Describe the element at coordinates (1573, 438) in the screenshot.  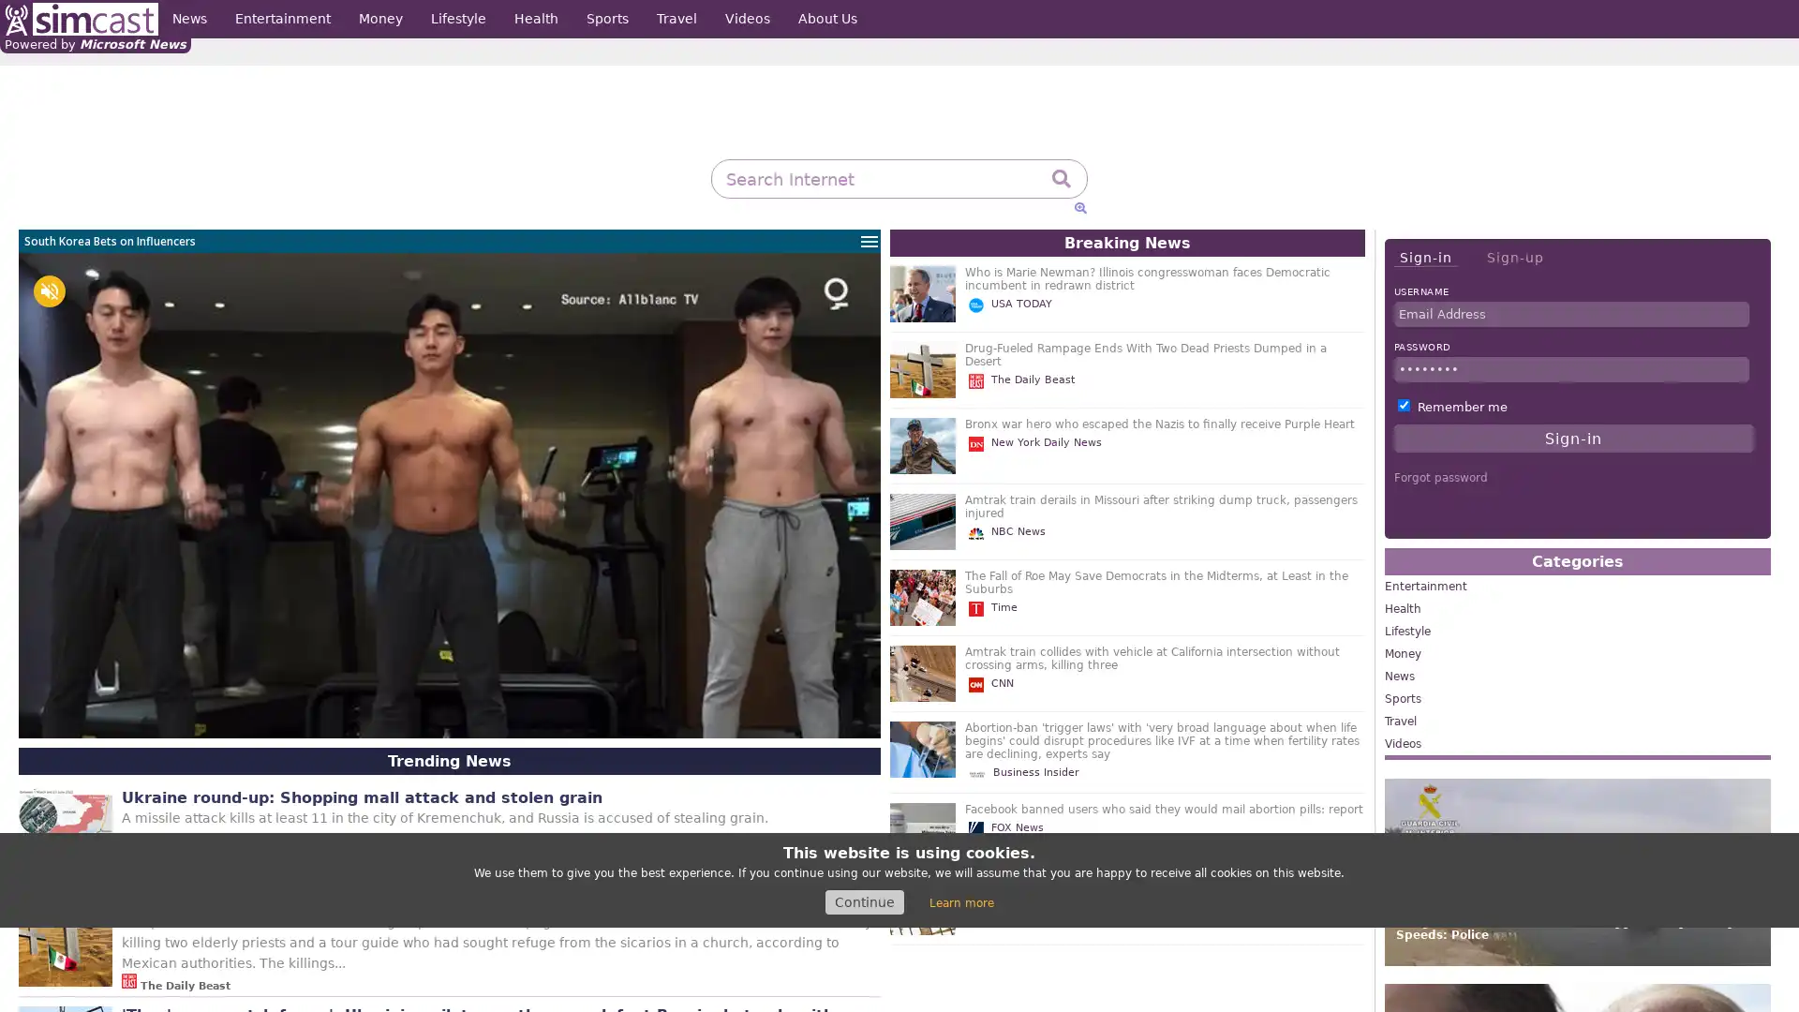
I see `Sign-in` at that location.